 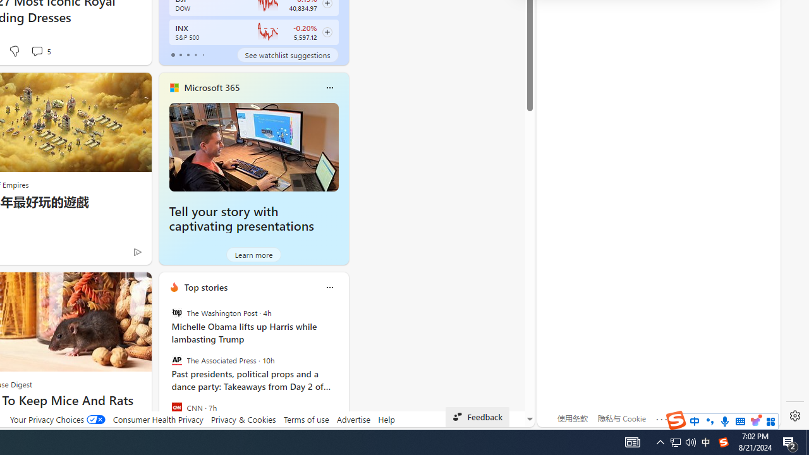 What do you see at coordinates (253, 254) in the screenshot?
I see `'Learn more'` at bounding box center [253, 254].